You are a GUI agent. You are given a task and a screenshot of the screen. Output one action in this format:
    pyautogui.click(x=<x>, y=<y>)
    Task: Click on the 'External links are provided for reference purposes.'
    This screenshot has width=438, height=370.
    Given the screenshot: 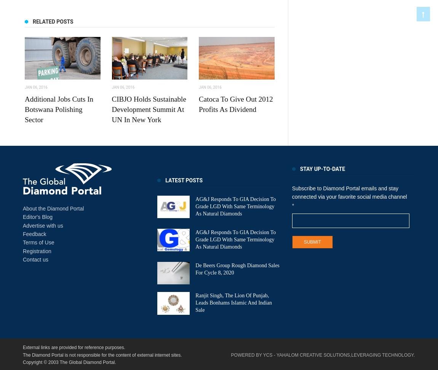 What is the action you would take?
    pyautogui.click(x=74, y=347)
    